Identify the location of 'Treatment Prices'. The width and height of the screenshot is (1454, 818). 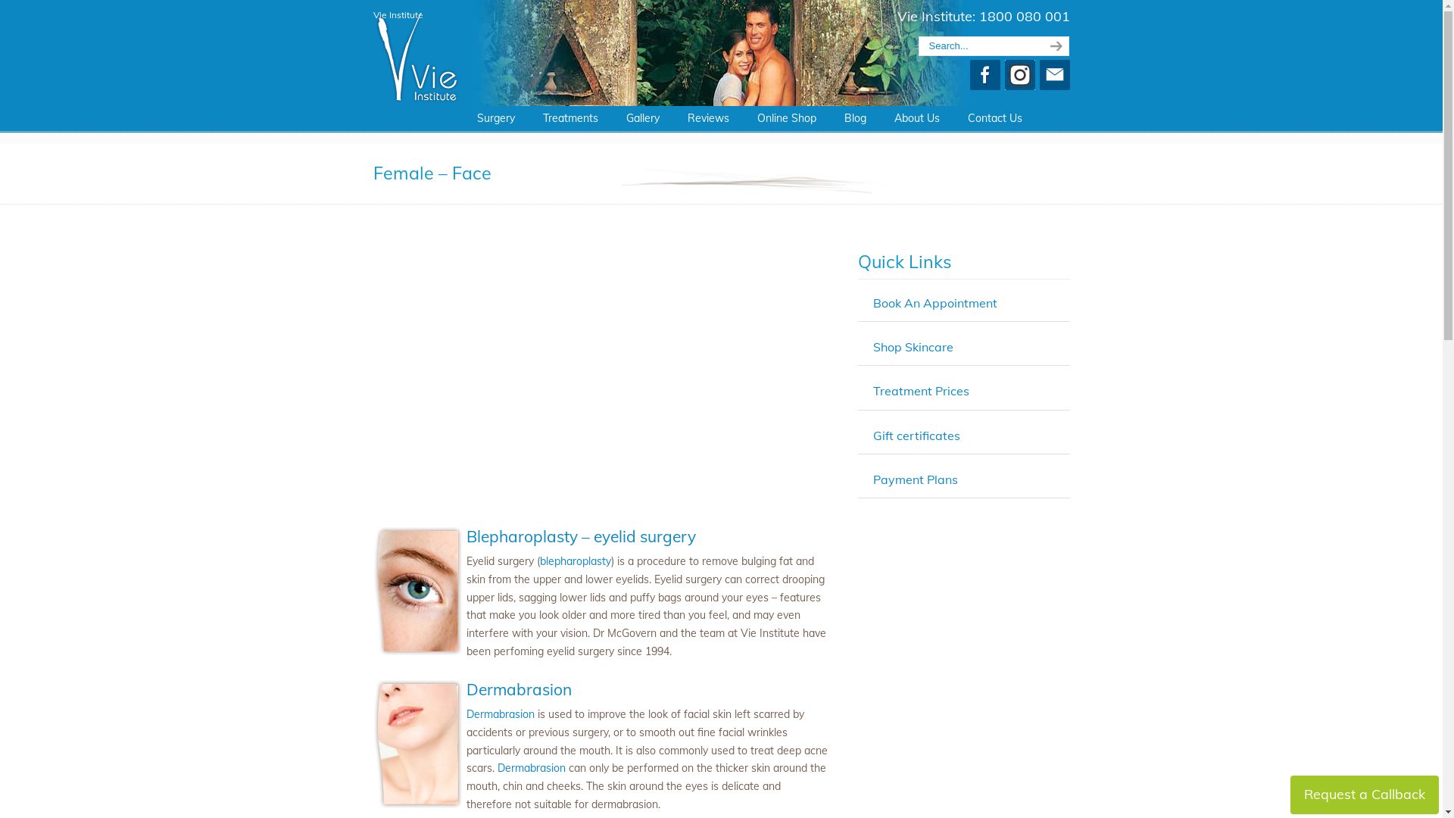
(872, 390).